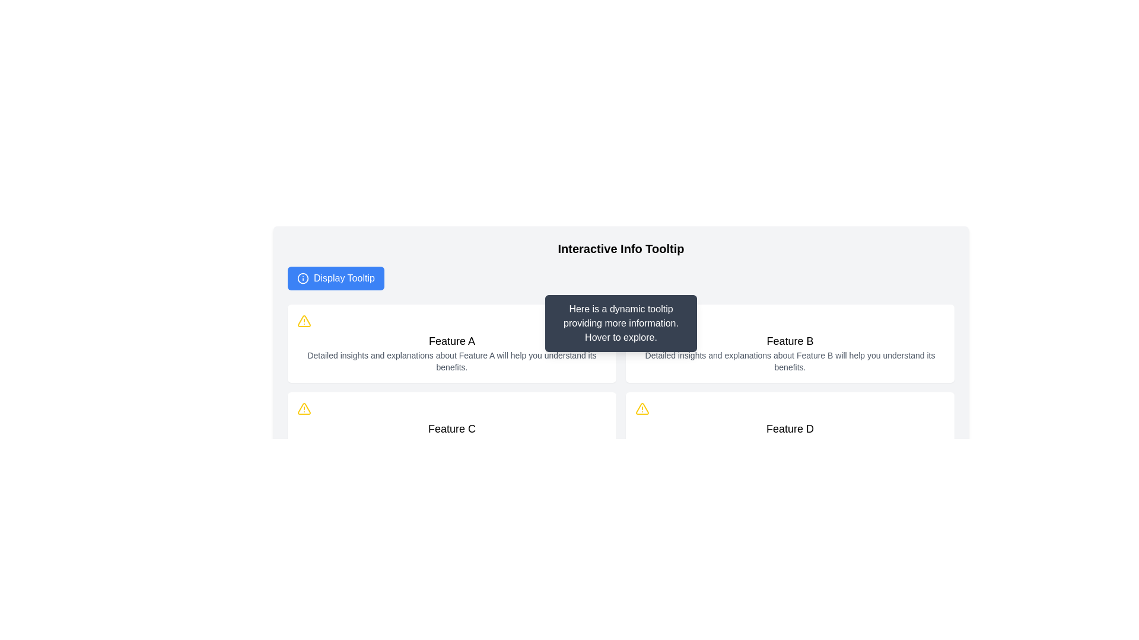  I want to click on the text element displaying 'Feature B', which is styled with a large font and bold weight, located at the top-center of its card in the second column of a four-column grid layout, so click(790, 341).